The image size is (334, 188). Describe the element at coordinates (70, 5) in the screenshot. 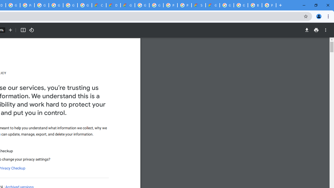

I see `'Google Workspace - Specific Terms'` at that location.